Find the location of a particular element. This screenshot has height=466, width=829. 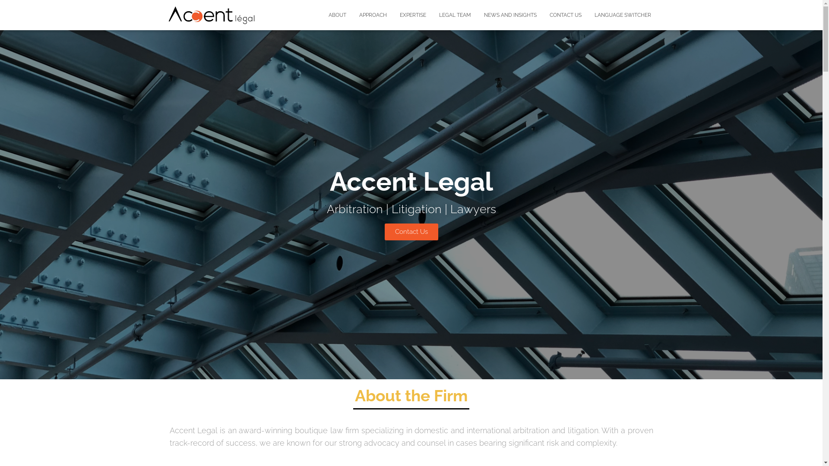

'LANGUAGE SWITCHER' is located at coordinates (623, 15).